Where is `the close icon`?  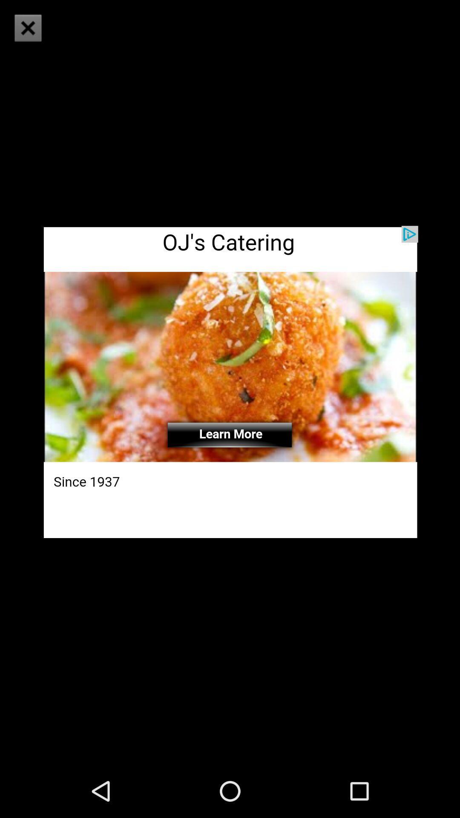
the close icon is located at coordinates (27, 30).